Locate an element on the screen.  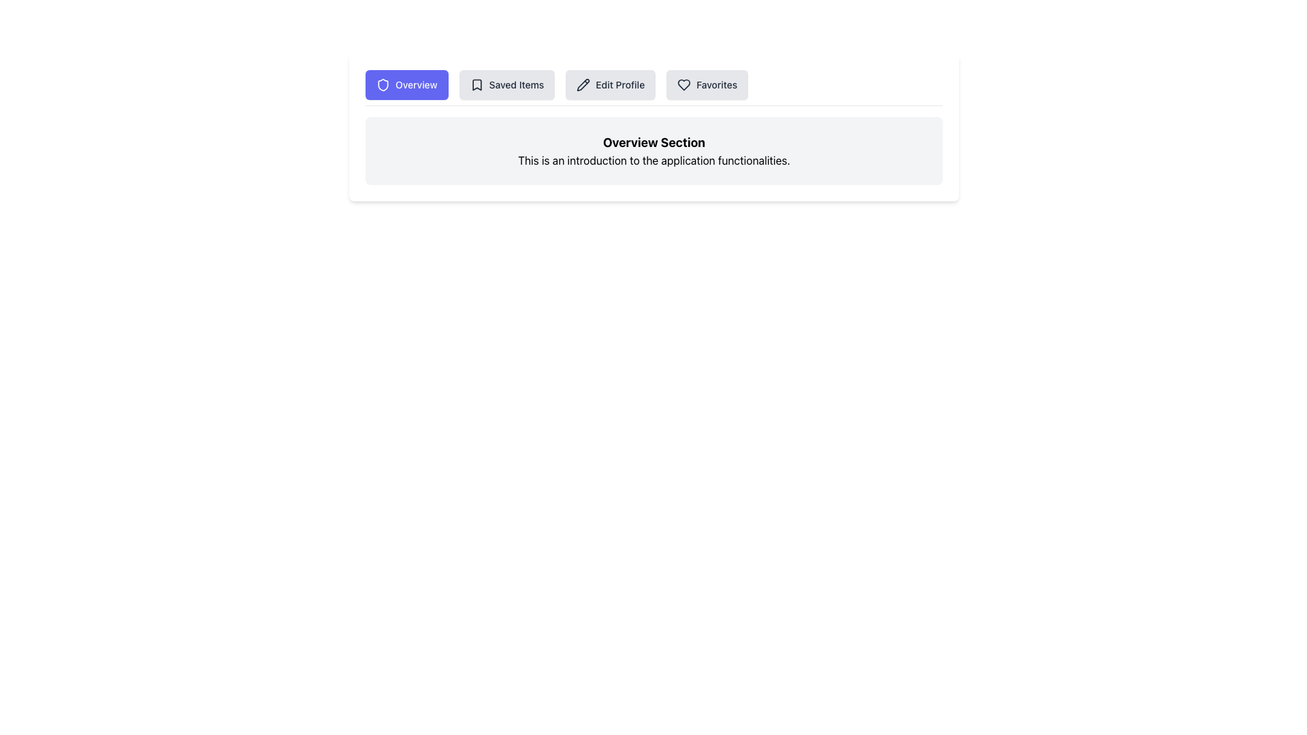
the bookmark icon, which is a minimalist black outline with a hollow center, located to the immediate left of the 'Saved Items' text in the top navigation bar is located at coordinates (477, 84).